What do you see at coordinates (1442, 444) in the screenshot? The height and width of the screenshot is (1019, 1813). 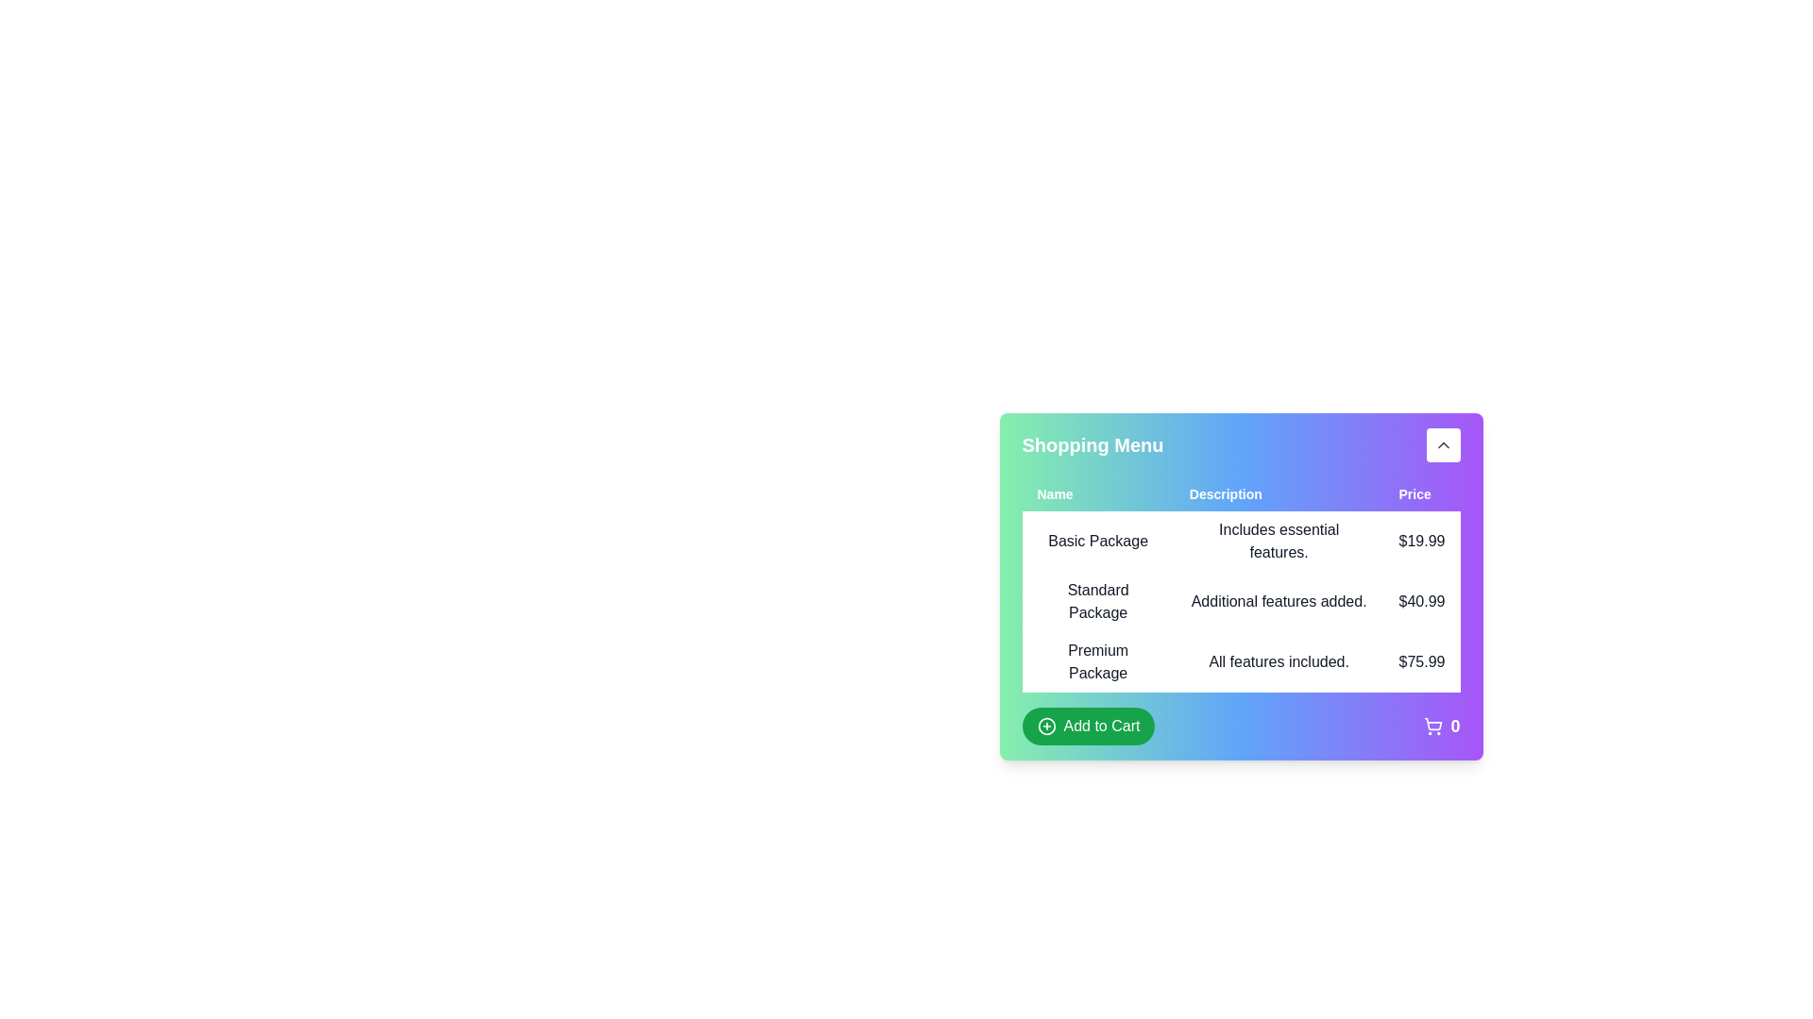 I see `the button with an upward-pointing chevron icon located at the top-right corner of the 'Shopping Menu' section` at bounding box center [1442, 444].